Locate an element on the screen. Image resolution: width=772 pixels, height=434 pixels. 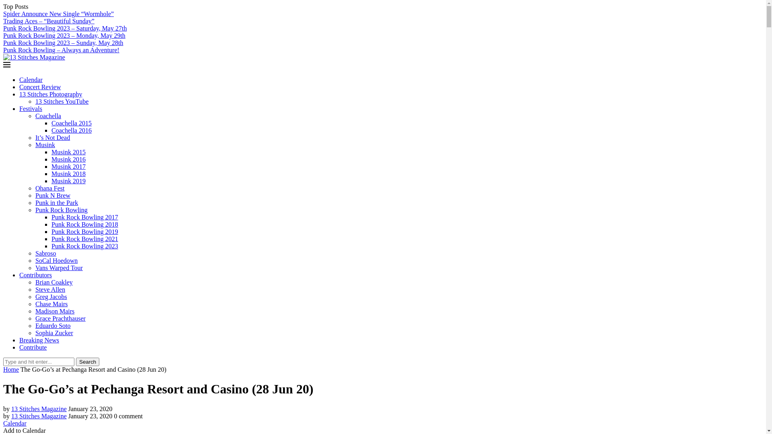
'Coachella 2015' is located at coordinates (51, 123).